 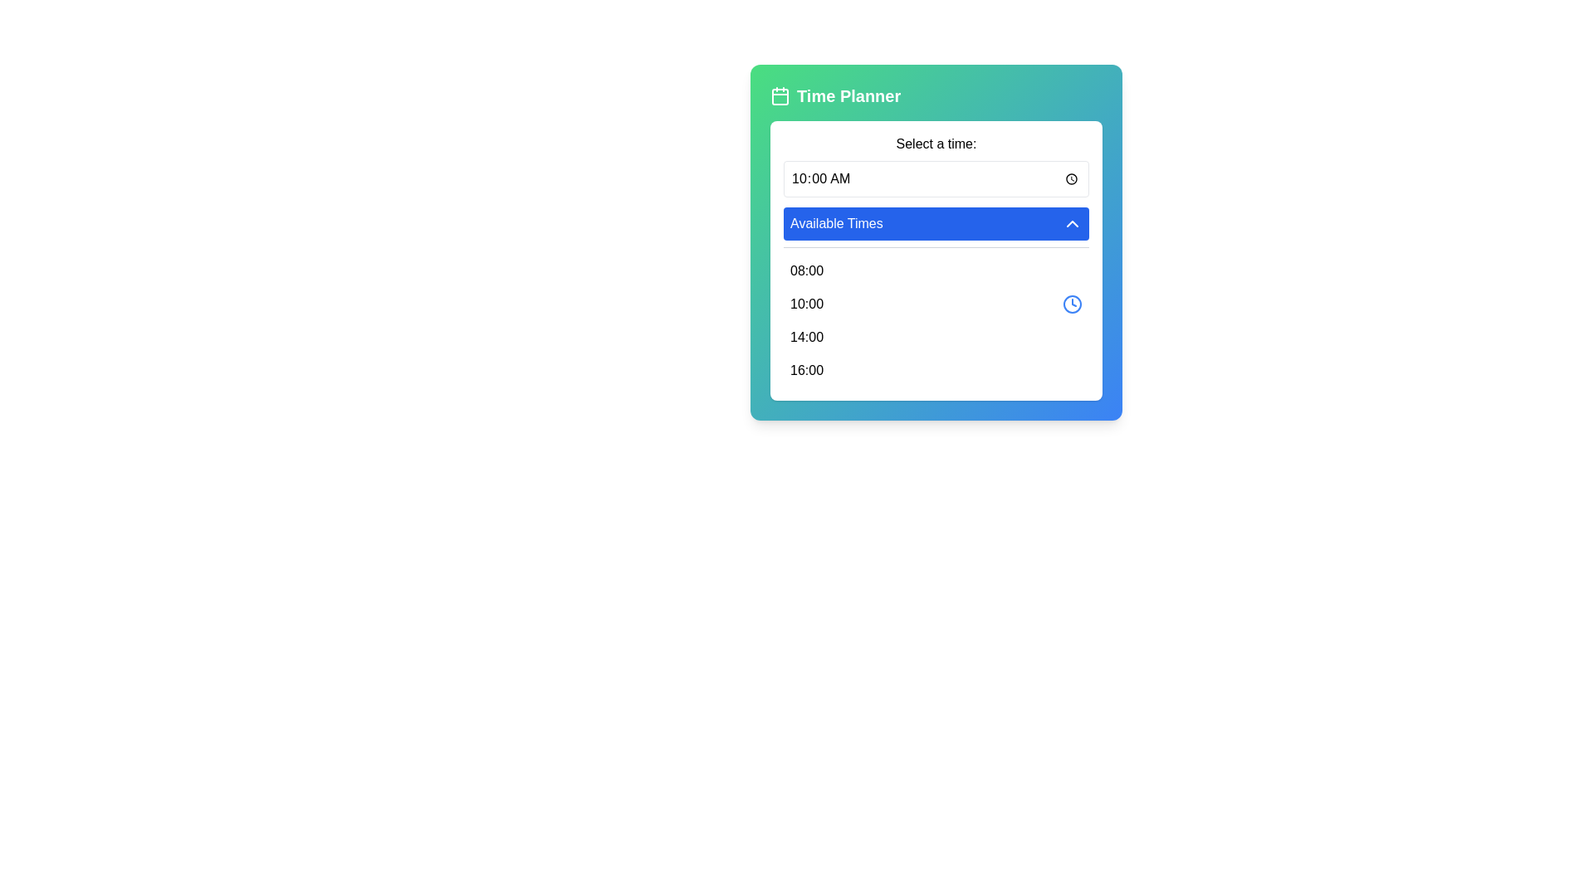 I want to click on the selectable list item for the time '10:00' which is located in the 'Available Times' section, positioned between '08:00' and '14:00', so click(x=936, y=304).